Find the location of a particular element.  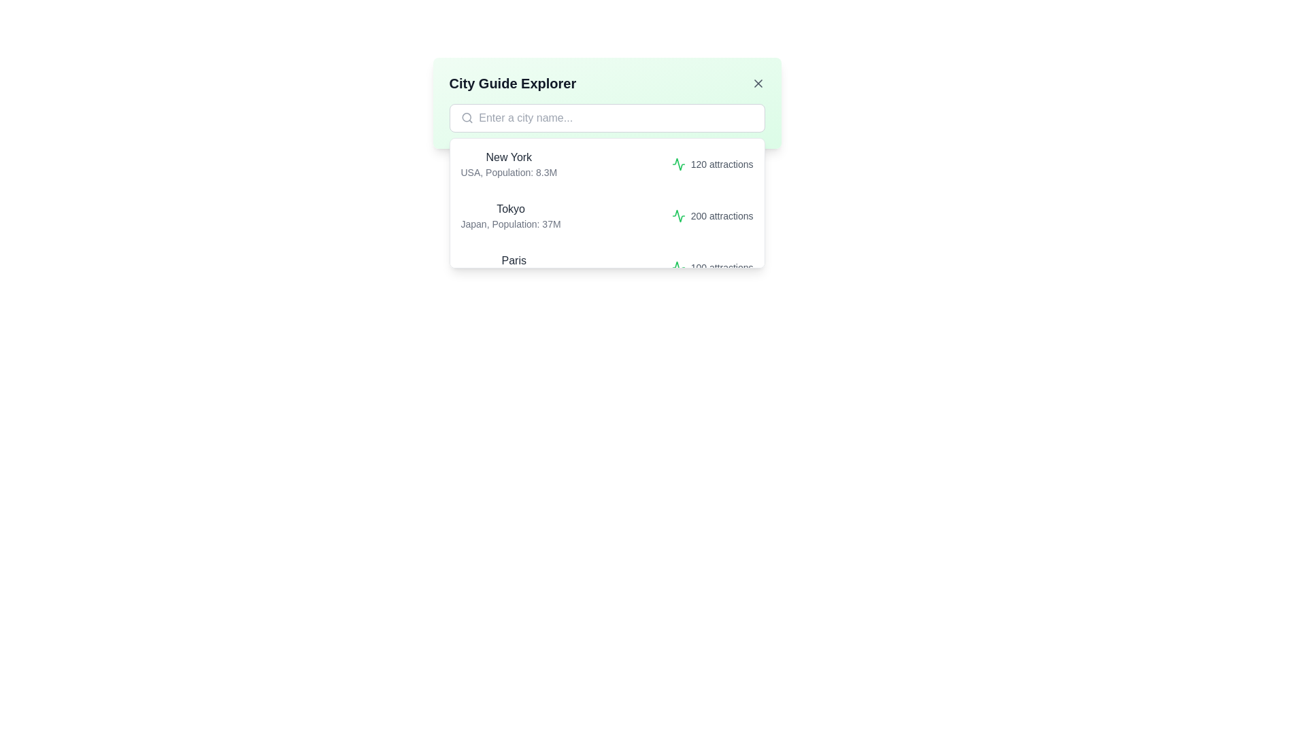

the Close Button, which is represented by an 'X' icon located on the far right of the header section of the 'City Guide Explorer' interface is located at coordinates (757, 84).